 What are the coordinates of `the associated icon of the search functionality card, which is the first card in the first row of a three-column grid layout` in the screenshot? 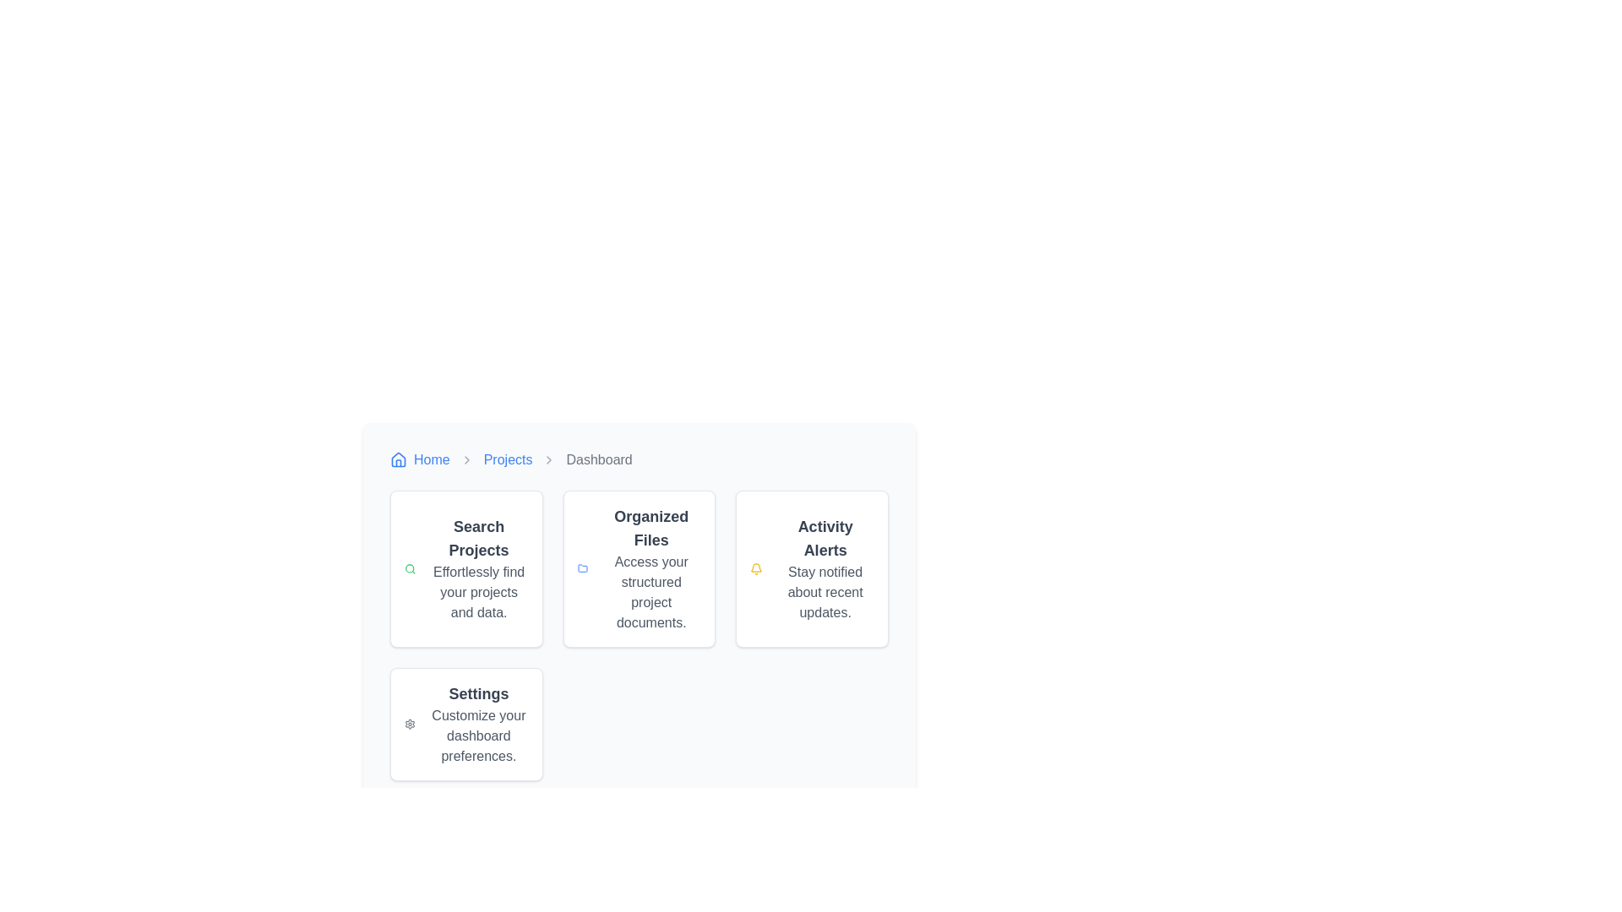 It's located at (466, 569).